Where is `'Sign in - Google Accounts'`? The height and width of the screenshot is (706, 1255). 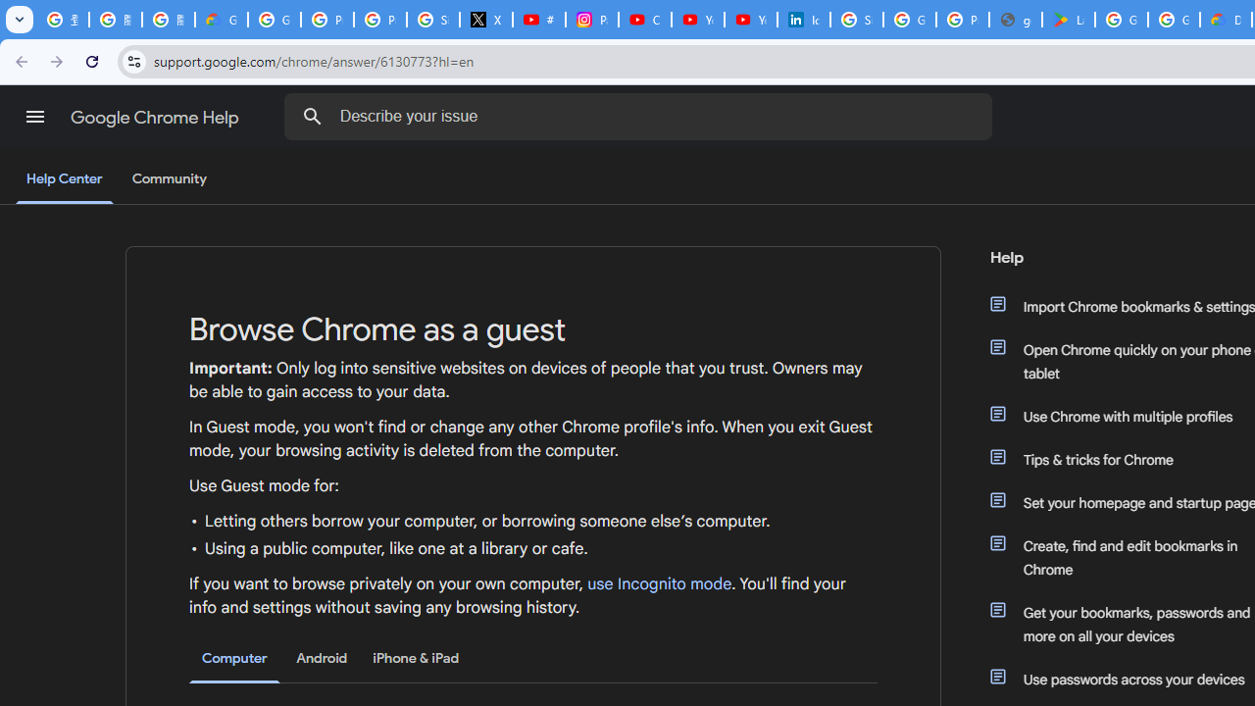 'Sign in - Google Accounts' is located at coordinates (857, 20).